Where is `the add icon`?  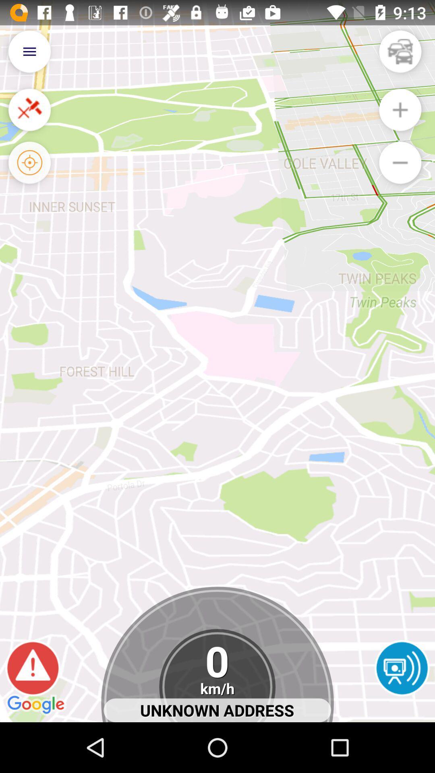
the add icon is located at coordinates (400, 117).